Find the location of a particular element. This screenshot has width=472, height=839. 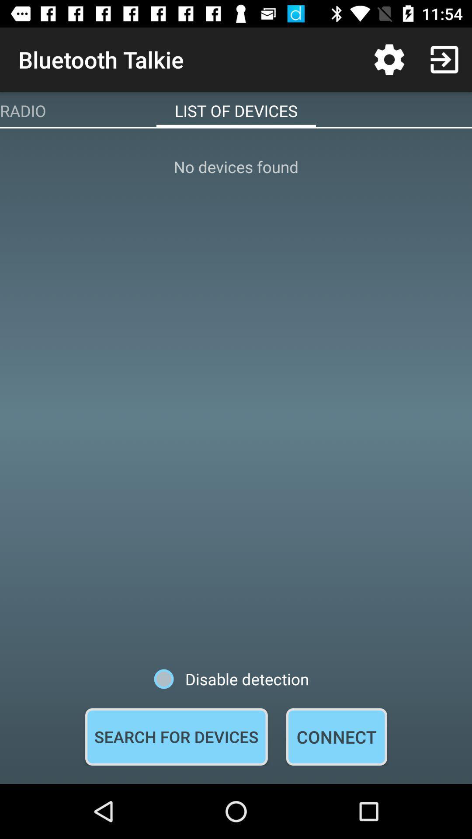

the icon below disable detection item is located at coordinates (336, 736).